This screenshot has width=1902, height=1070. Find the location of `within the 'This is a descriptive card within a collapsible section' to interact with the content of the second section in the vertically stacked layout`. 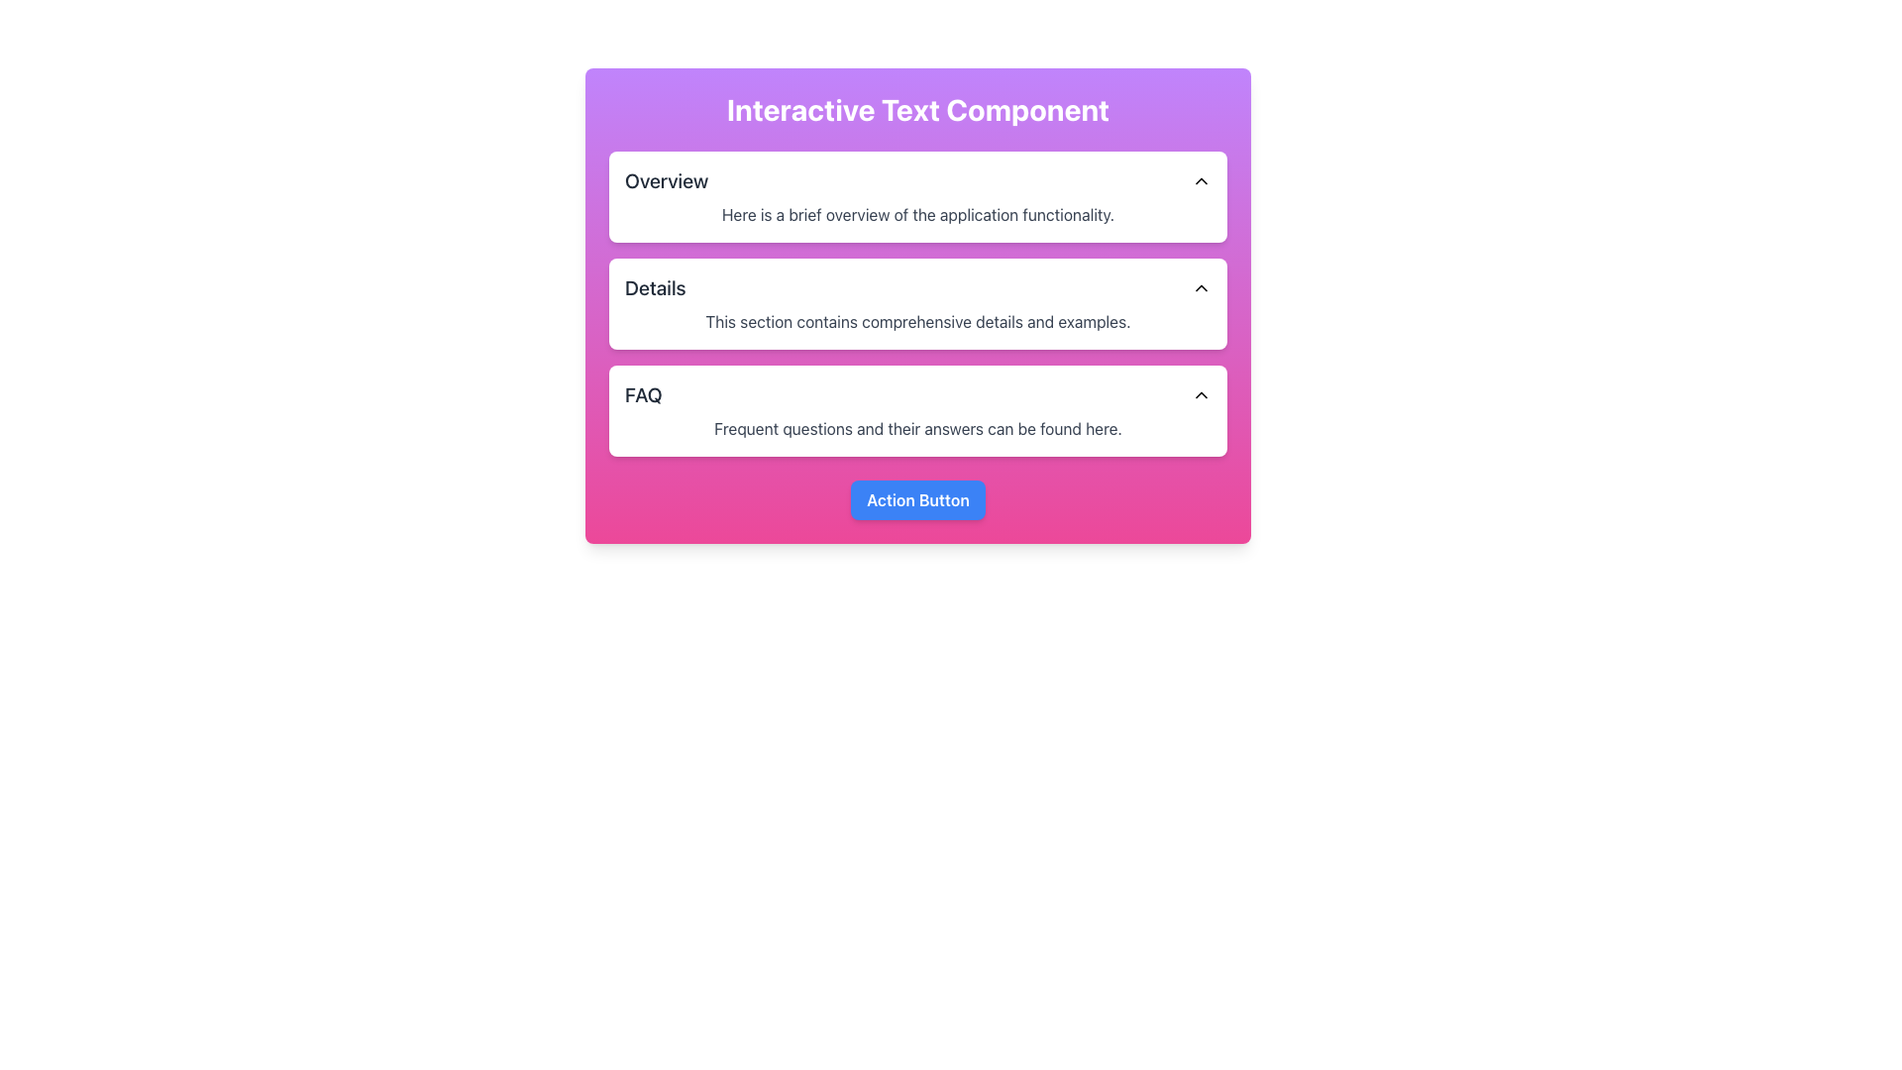

within the 'This is a descriptive card within a collapsible section' to interact with the content of the second section in the vertically stacked layout is located at coordinates (916, 304).